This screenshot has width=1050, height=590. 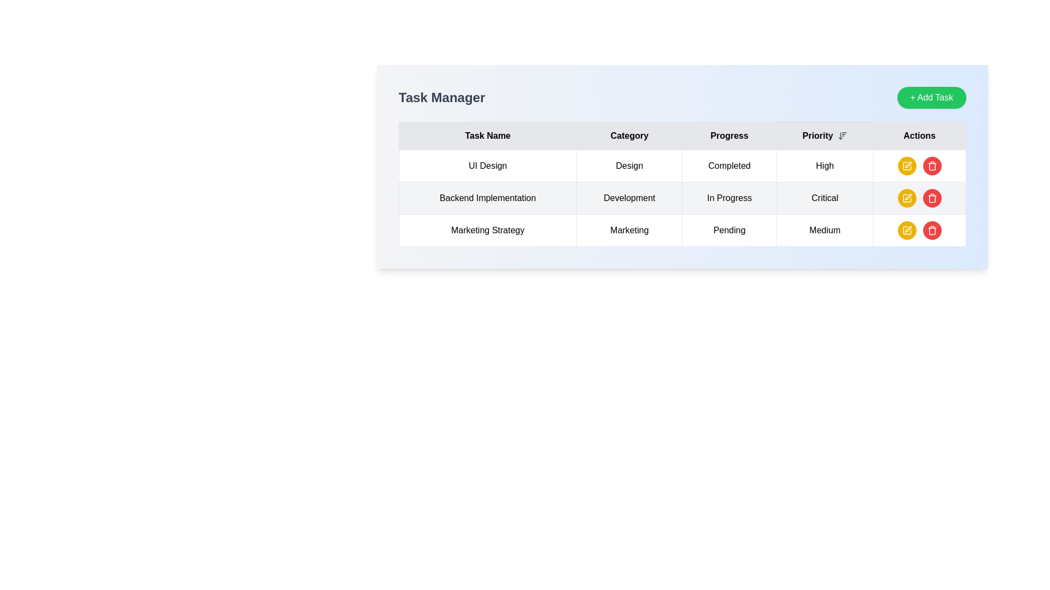 What do you see at coordinates (730, 198) in the screenshot?
I see `the static text label that displays 'In Progress' in the third column under the 'Progress' header of the table row labeled 'Backend Implementation'` at bounding box center [730, 198].